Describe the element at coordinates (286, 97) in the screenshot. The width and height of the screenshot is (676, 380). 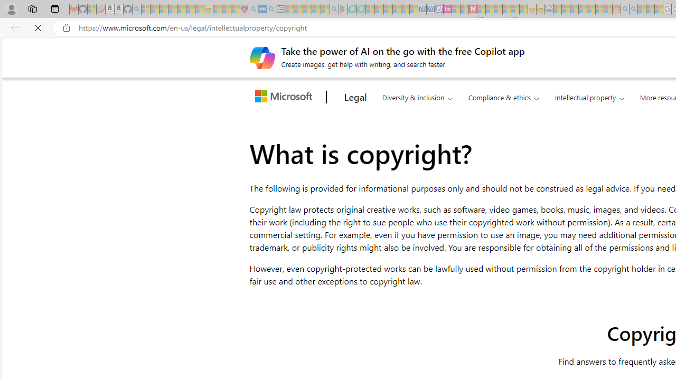
I see `'Microsoft'` at that location.